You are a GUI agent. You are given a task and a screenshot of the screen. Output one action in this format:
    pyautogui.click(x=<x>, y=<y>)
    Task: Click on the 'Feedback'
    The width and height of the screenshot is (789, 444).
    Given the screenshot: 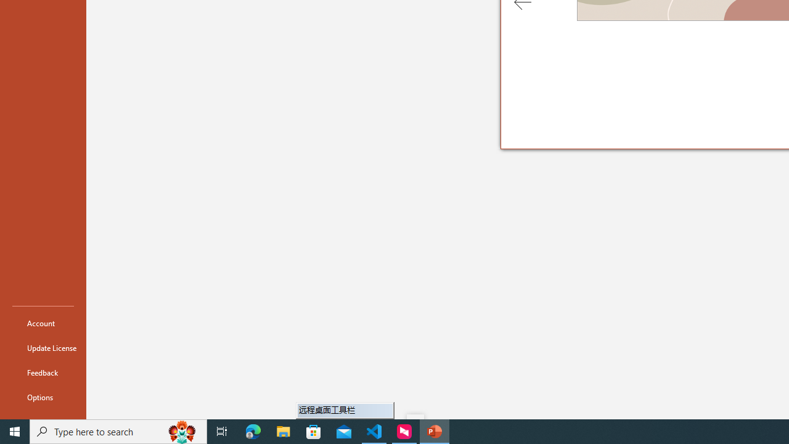 What is the action you would take?
    pyautogui.click(x=43, y=372)
    